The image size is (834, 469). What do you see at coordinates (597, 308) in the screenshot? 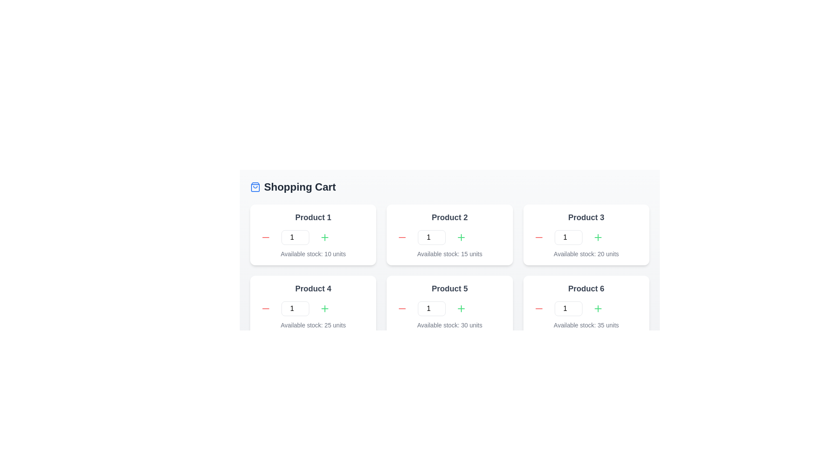
I see `the green circular button with a plus icon to observe the hover effect, located to the right of the text input field for product quantity adjustment in the sixth product card of the shopping cart grid` at bounding box center [597, 308].